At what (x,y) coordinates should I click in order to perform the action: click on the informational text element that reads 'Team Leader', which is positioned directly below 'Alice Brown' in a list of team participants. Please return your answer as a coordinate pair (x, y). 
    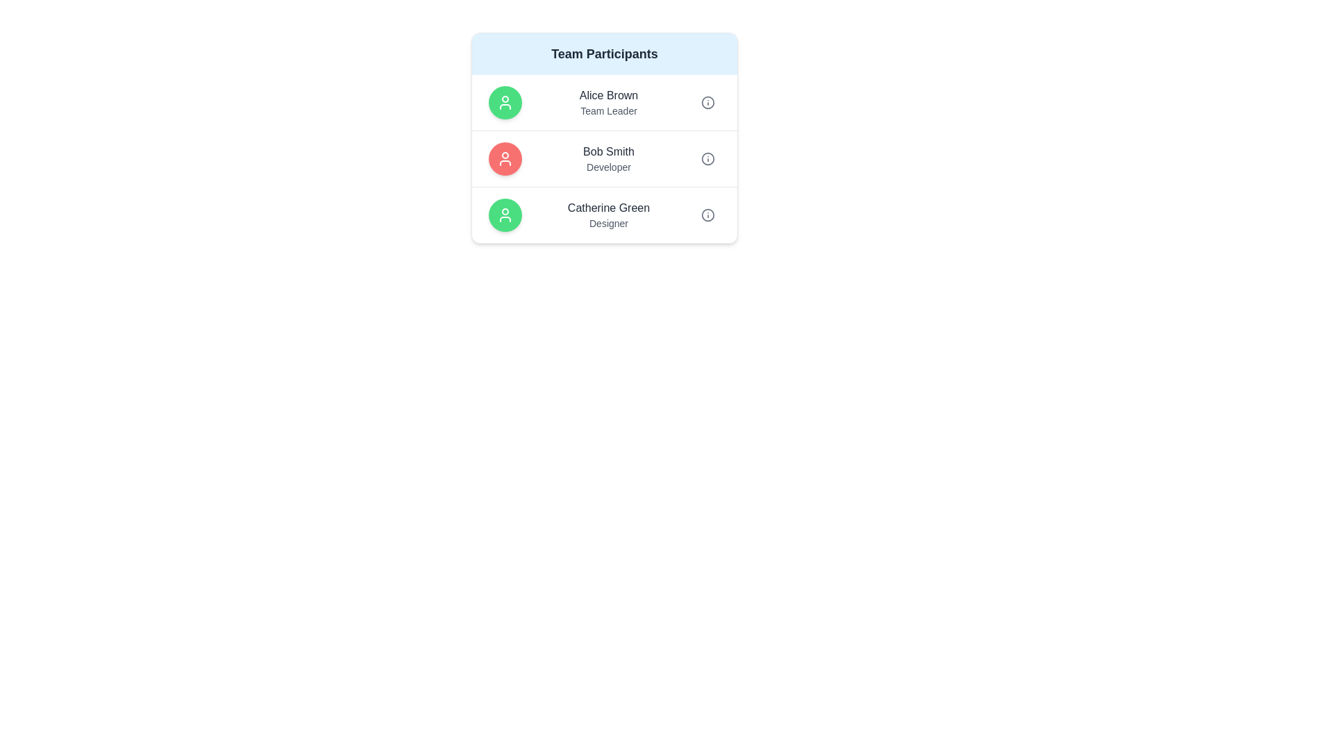
    Looking at the image, I should click on (609, 110).